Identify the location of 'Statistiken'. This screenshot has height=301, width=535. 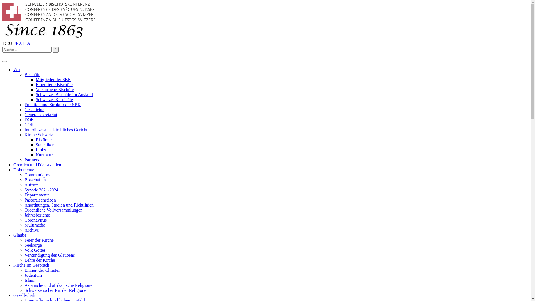
(45, 144).